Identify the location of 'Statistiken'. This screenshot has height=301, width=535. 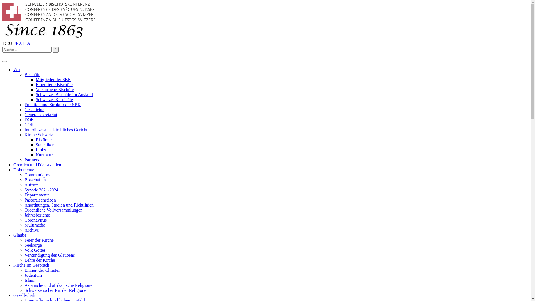
(45, 144).